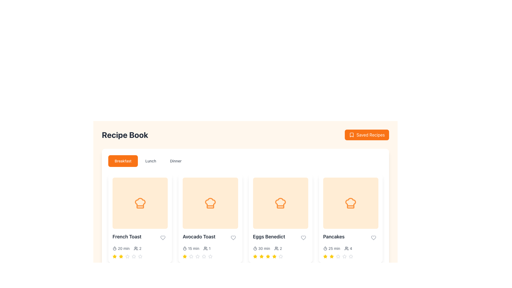 The width and height of the screenshot is (512, 288). Describe the element at coordinates (114, 249) in the screenshot. I see `the decorative SVG graphical element representing a timer for the 'French Toast' recipe, located on the leftmost card in the first row of the grid display` at that location.